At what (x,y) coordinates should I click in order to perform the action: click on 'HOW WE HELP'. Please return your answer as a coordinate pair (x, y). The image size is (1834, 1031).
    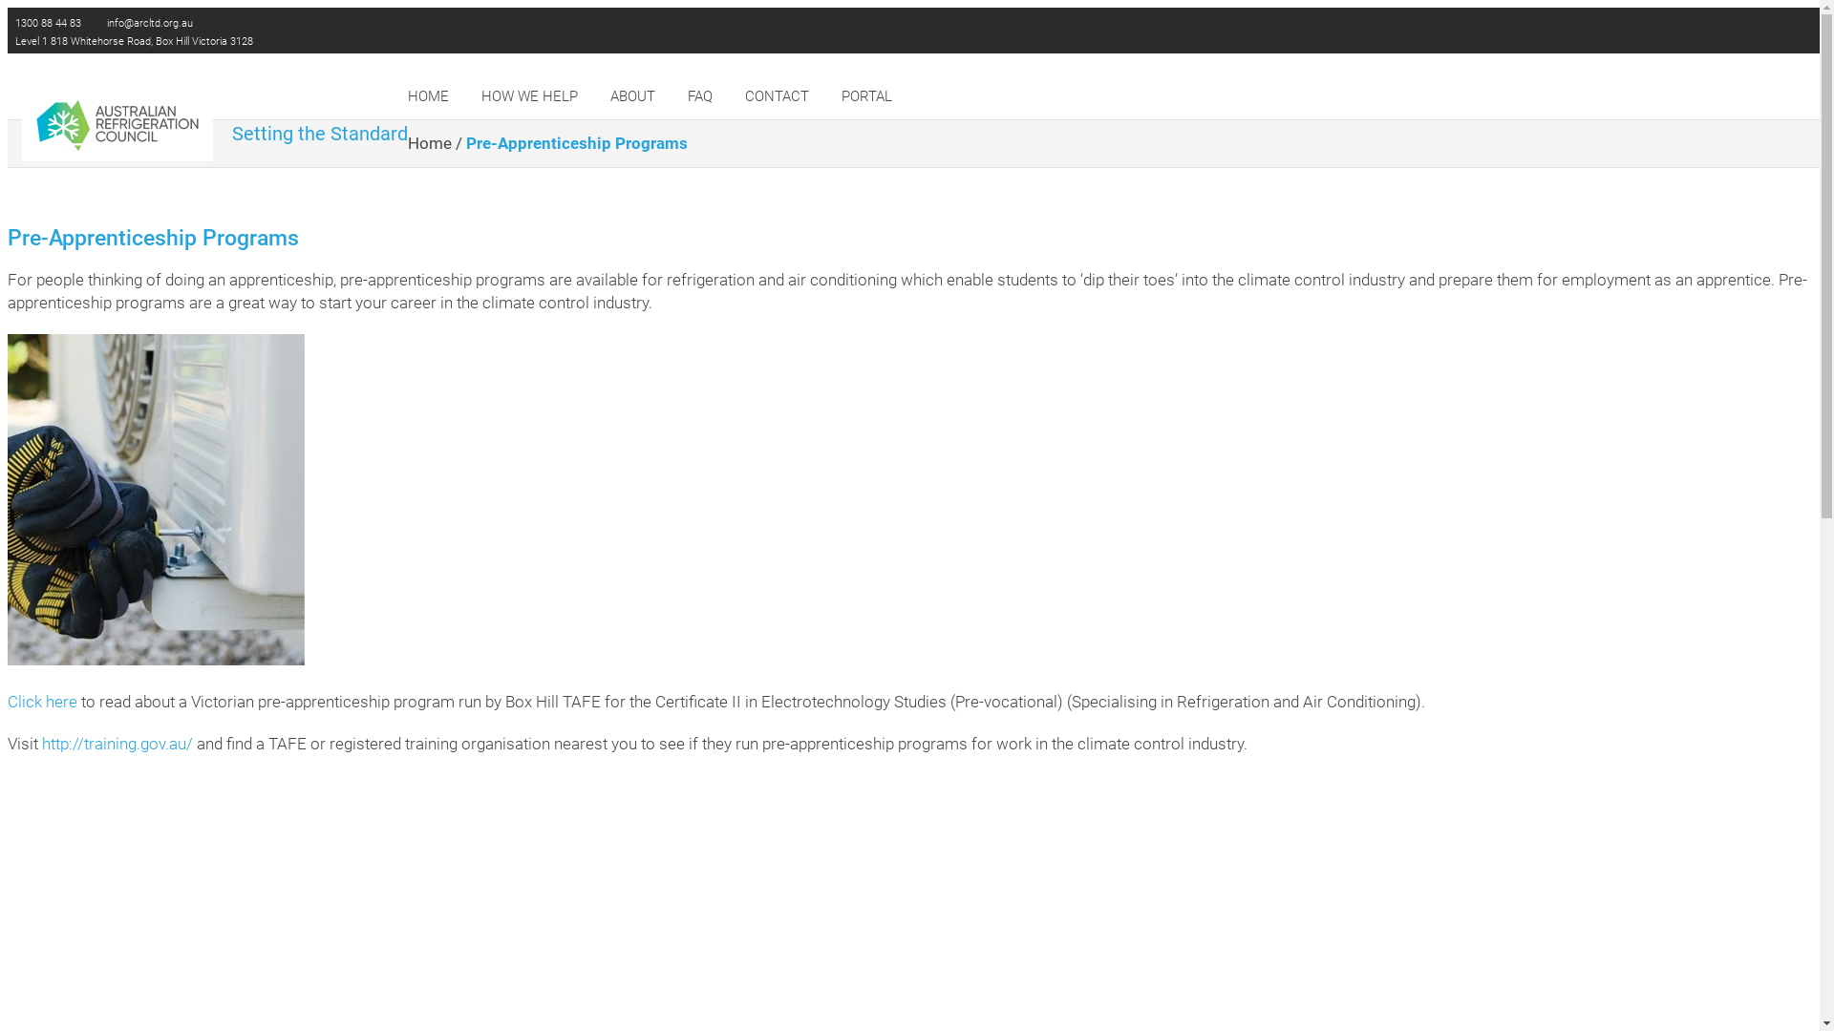
    Looking at the image, I should click on (529, 95).